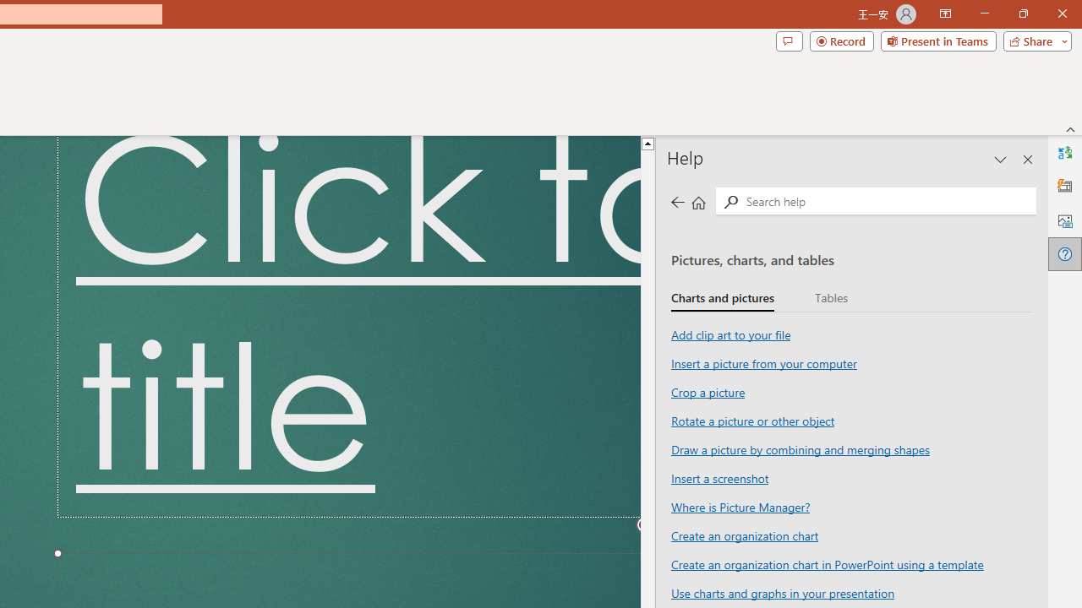 The image size is (1082, 608). I want to click on 'Previous page', so click(677, 201).